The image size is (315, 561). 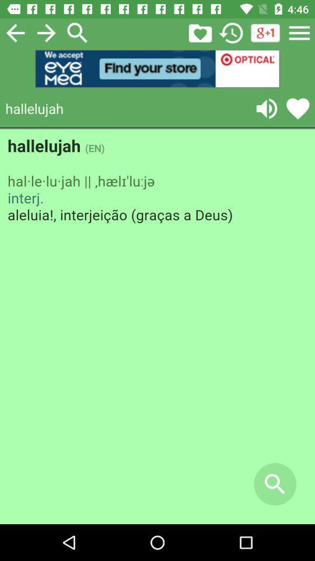 What do you see at coordinates (267, 108) in the screenshot?
I see `audio` at bounding box center [267, 108].